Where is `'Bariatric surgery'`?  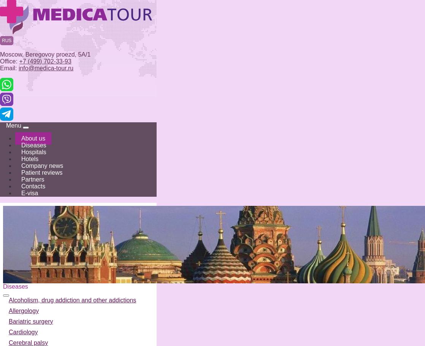
'Bariatric surgery' is located at coordinates (31, 321).